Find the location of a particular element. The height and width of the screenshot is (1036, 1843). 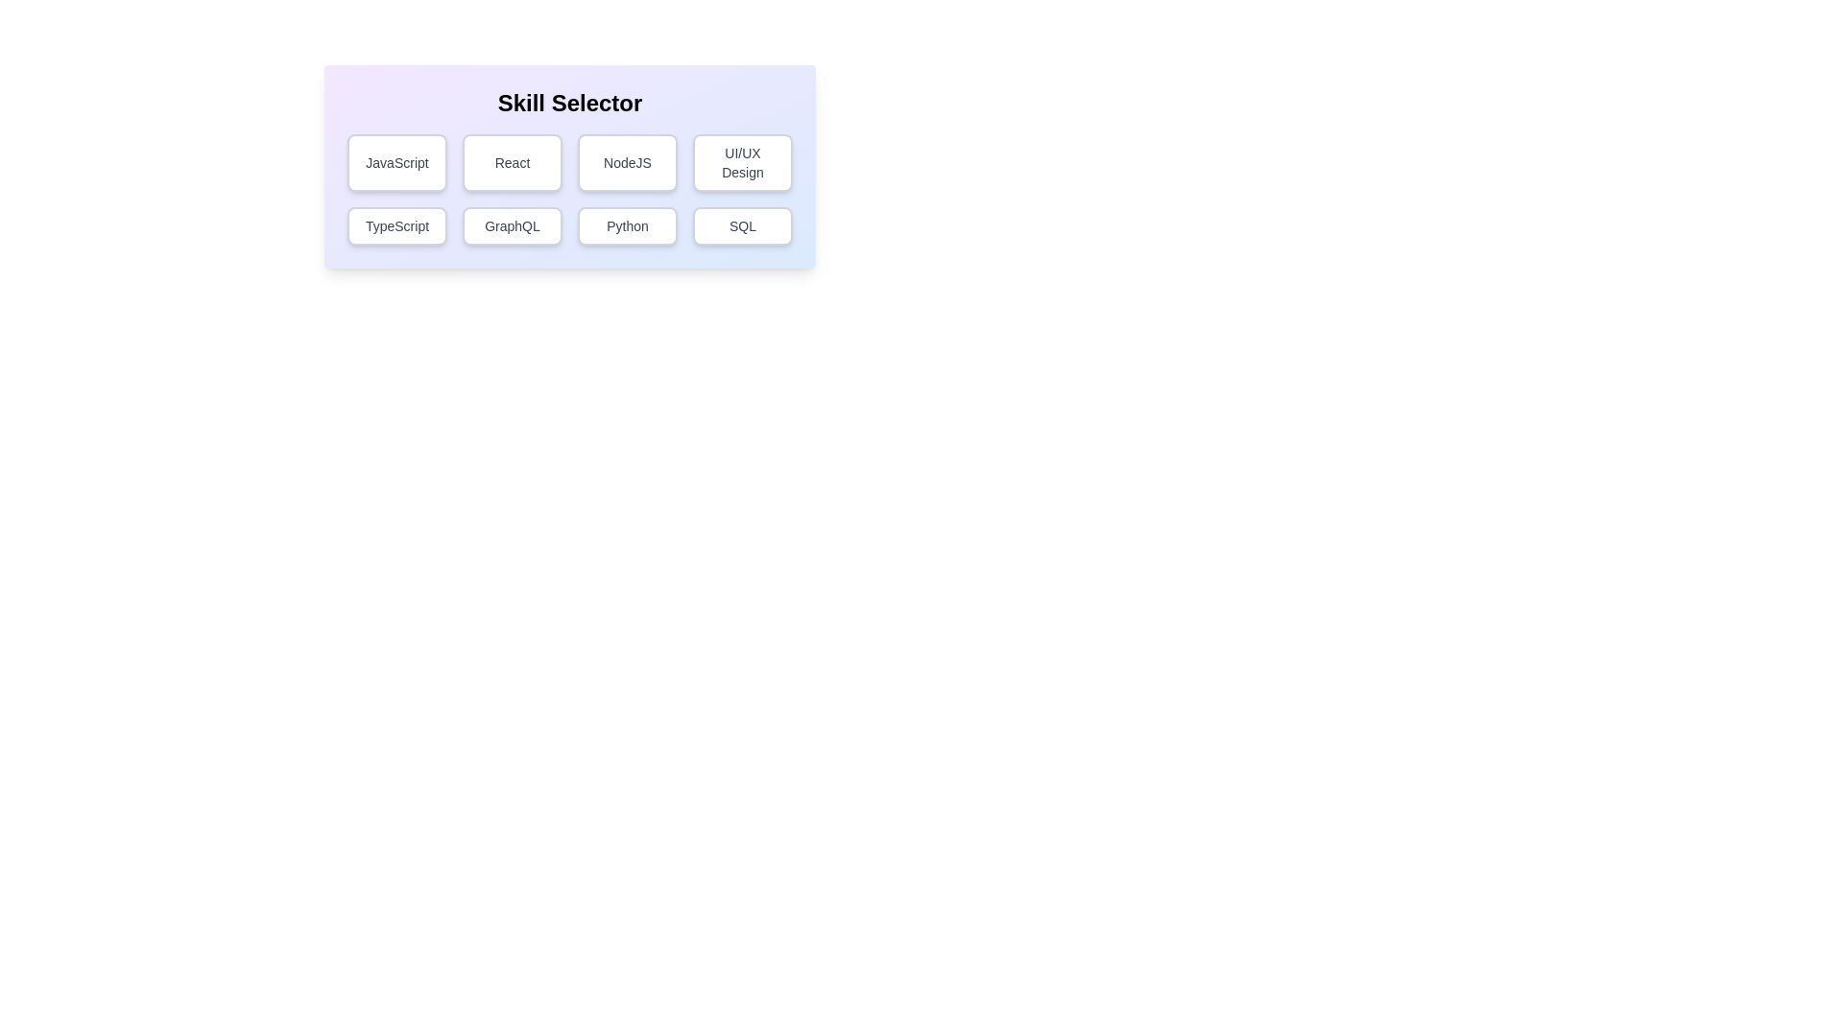

the skill button labeled UI/UX Design to observe hover effects is located at coordinates (741, 161).